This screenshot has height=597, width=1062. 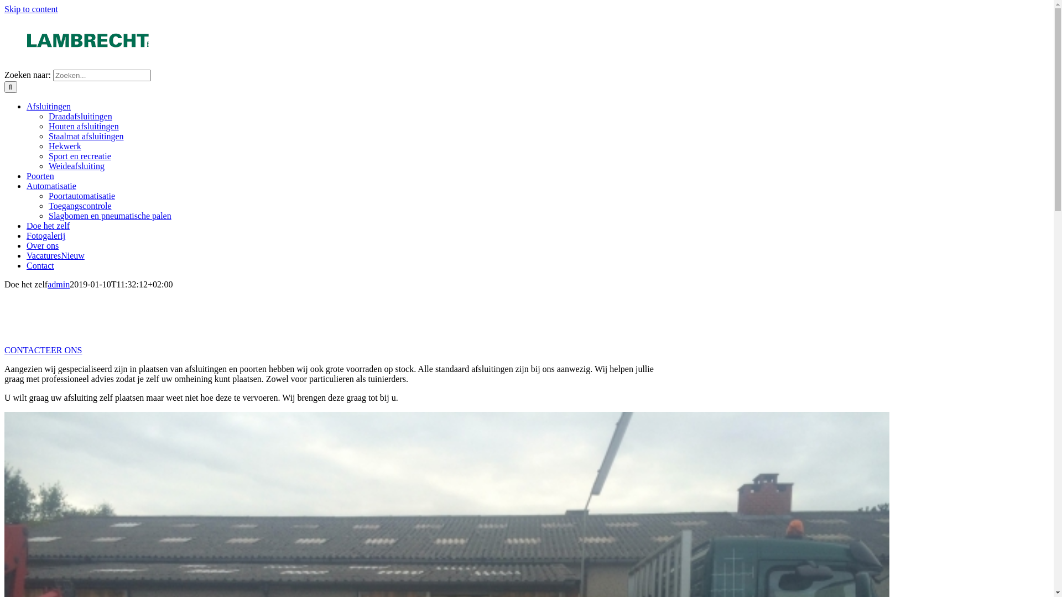 I want to click on 'Sport en recreatie', so click(x=79, y=156).